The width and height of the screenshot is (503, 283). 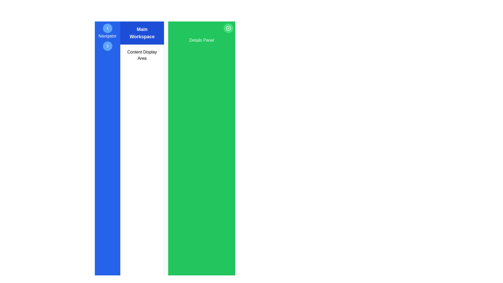 I want to click on the close button located in the top-right corner of the green 'Details Panel', so click(x=228, y=28).